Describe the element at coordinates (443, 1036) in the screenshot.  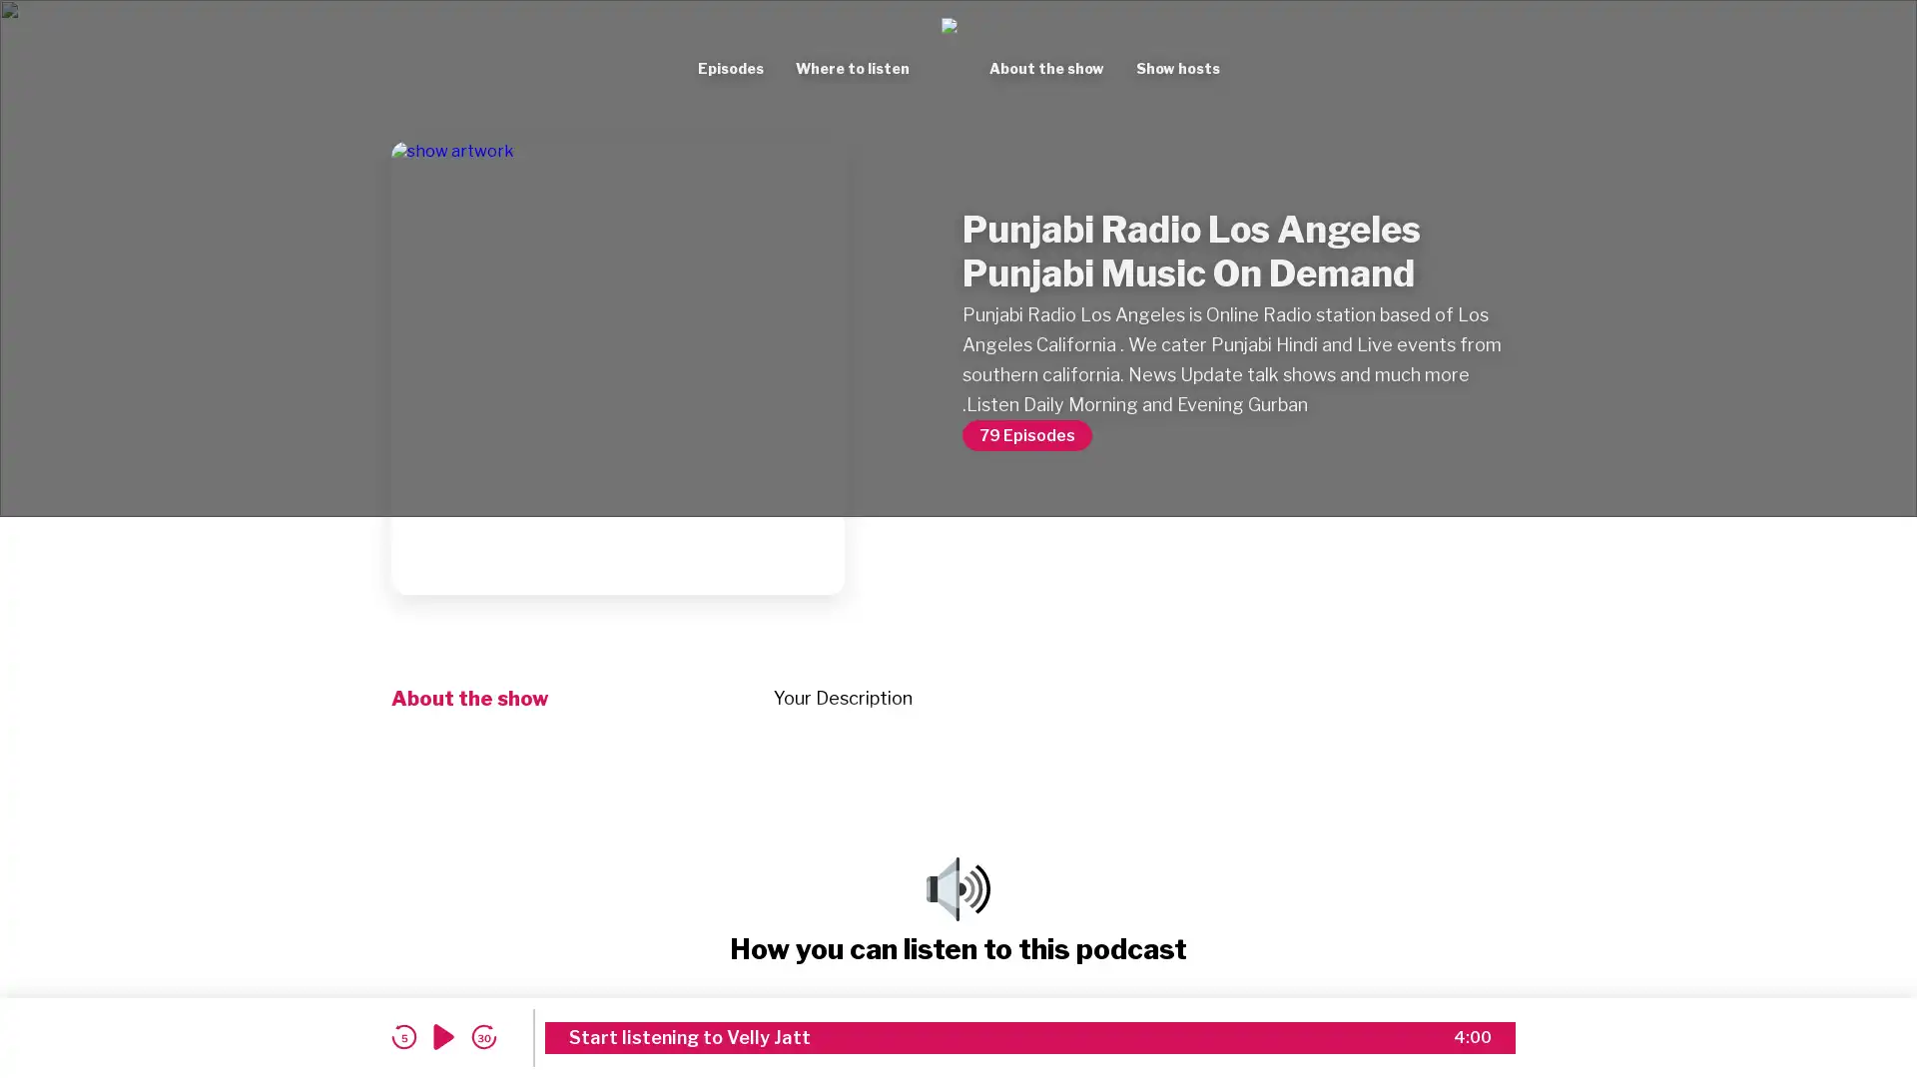
I see `play audio` at that location.